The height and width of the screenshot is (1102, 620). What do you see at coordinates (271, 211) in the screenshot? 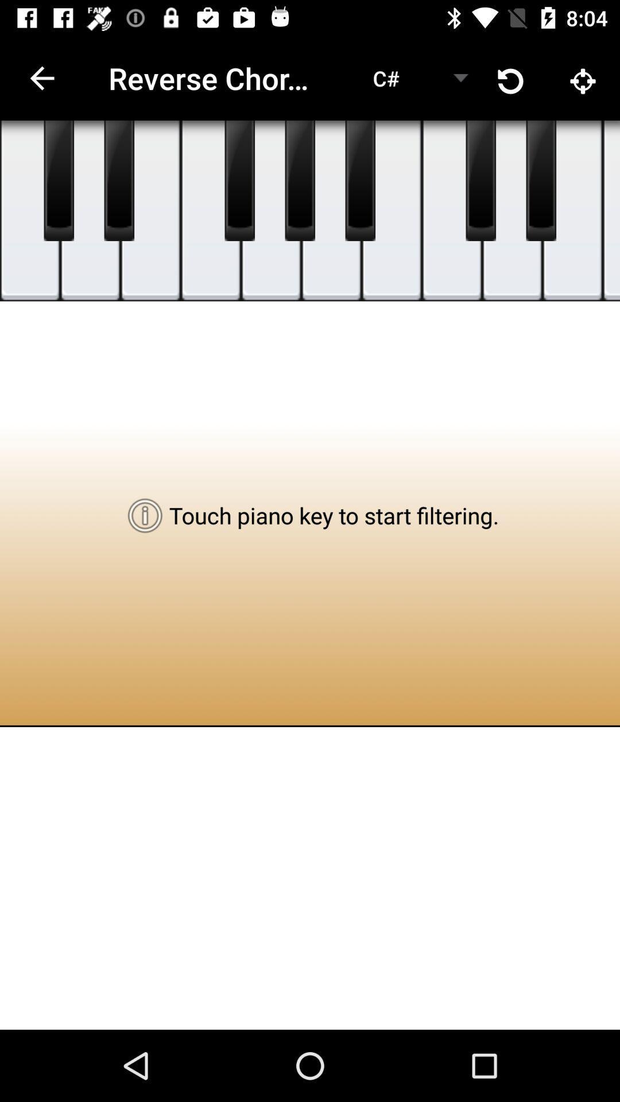
I see `touch piano key` at bounding box center [271, 211].